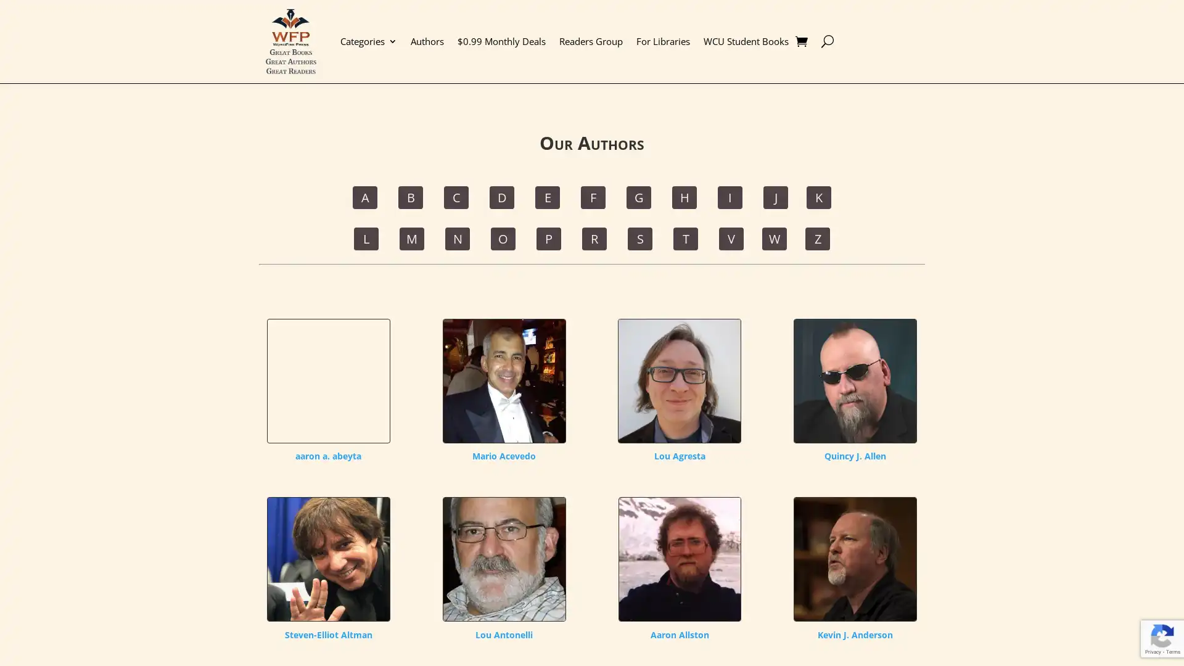 This screenshot has height=666, width=1184. What do you see at coordinates (685, 238) in the screenshot?
I see `T` at bounding box center [685, 238].